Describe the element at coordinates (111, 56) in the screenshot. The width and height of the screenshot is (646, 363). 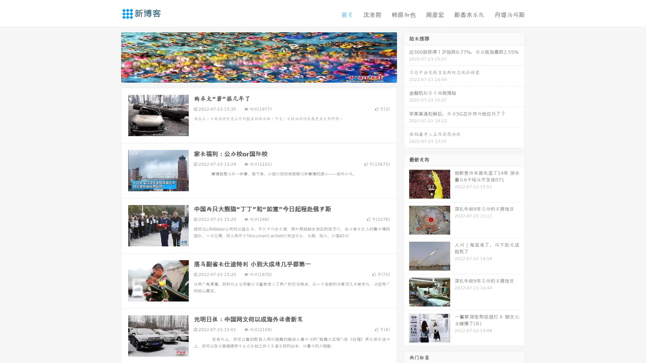
I see `Previous slide` at that location.